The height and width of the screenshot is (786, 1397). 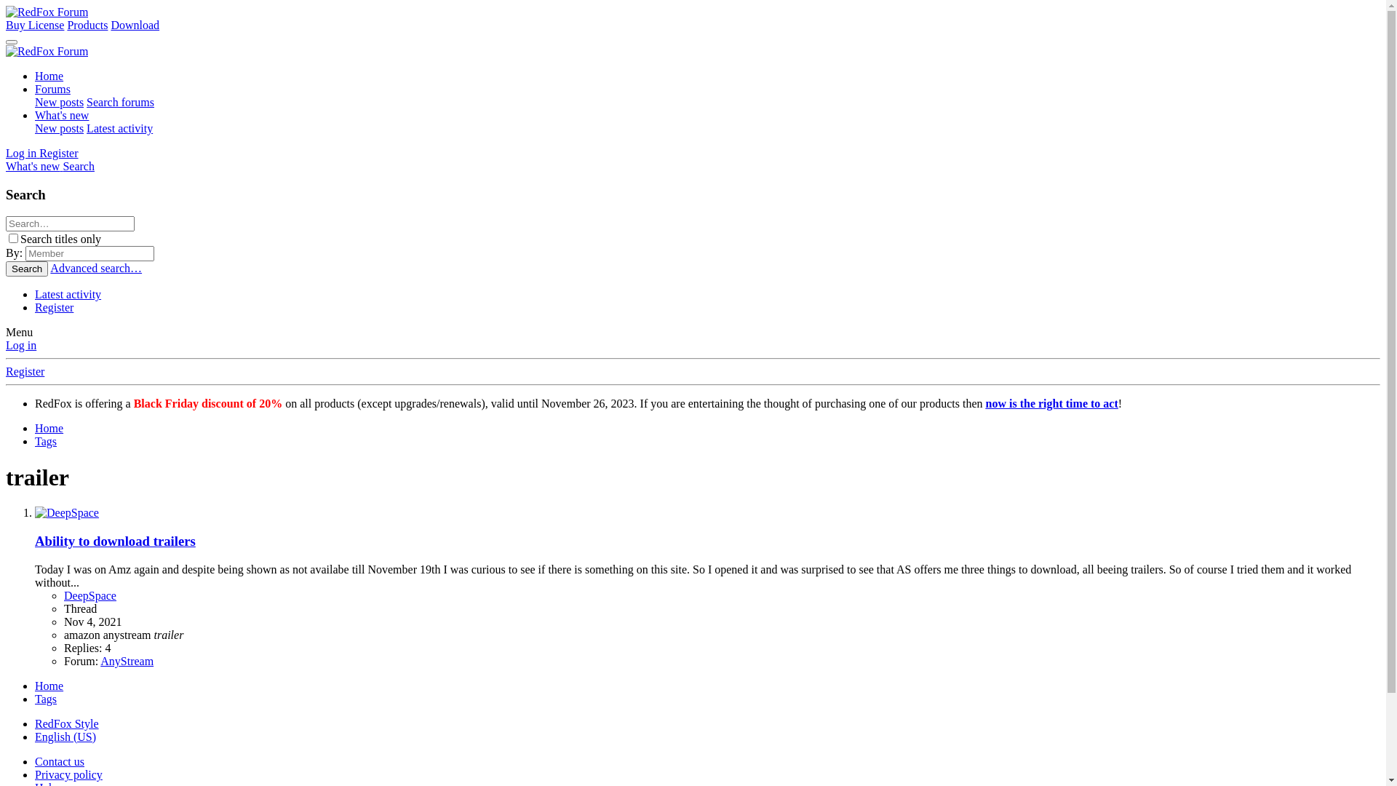 What do you see at coordinates (58, 761) in the screenshot?
I see `'Contact us'` at bounding box center [58, 761].